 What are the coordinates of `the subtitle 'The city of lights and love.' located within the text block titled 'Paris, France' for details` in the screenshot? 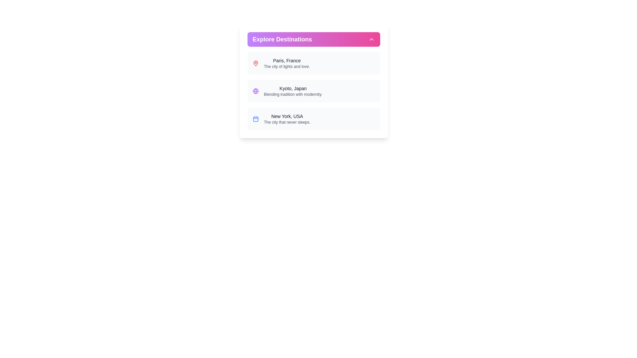 It's located at (287, 63).